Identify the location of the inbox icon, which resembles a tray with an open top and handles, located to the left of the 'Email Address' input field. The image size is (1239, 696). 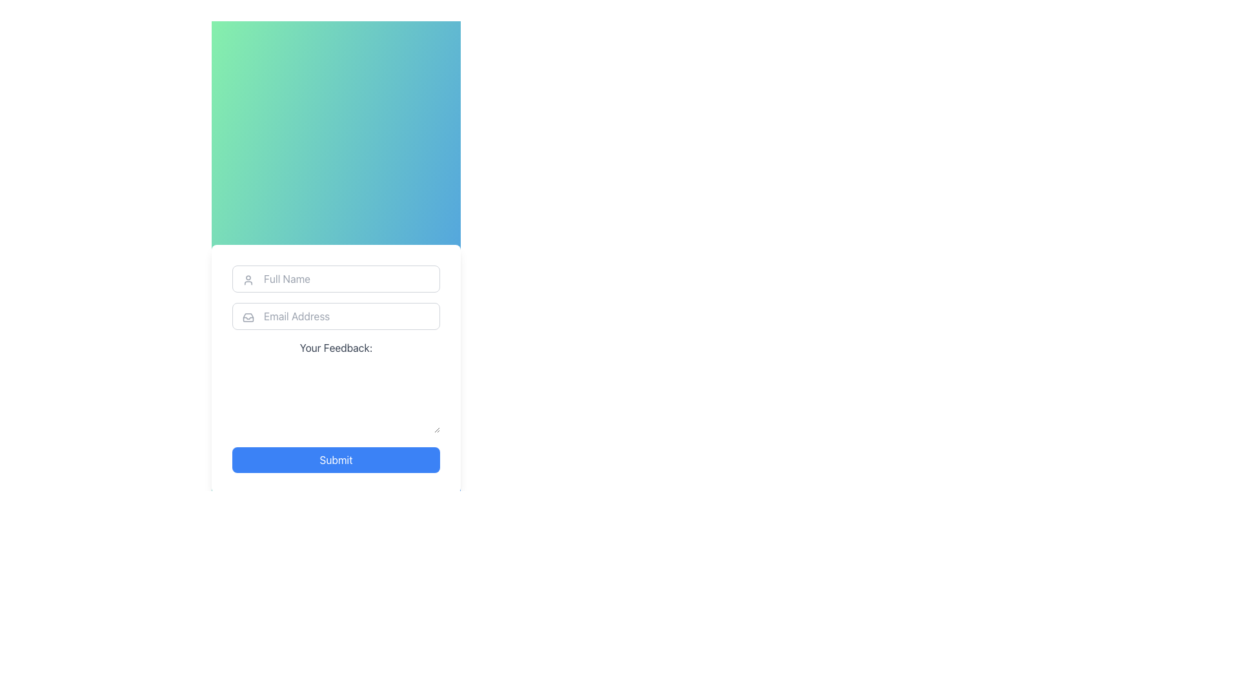
(248, 318).